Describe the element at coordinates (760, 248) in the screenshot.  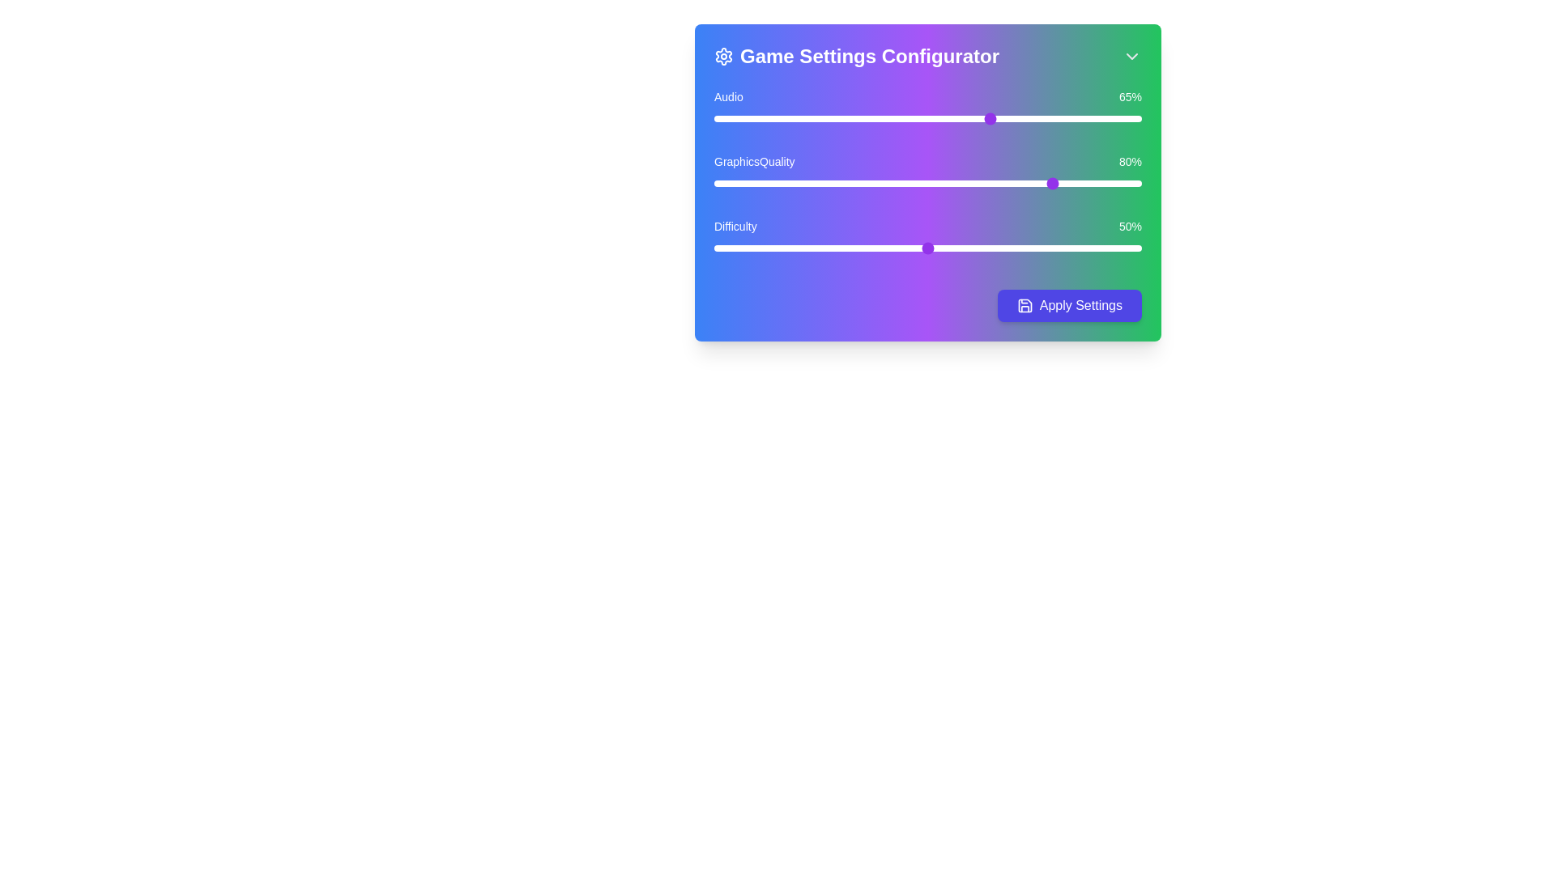
I see `the difficulty slider` at that location.